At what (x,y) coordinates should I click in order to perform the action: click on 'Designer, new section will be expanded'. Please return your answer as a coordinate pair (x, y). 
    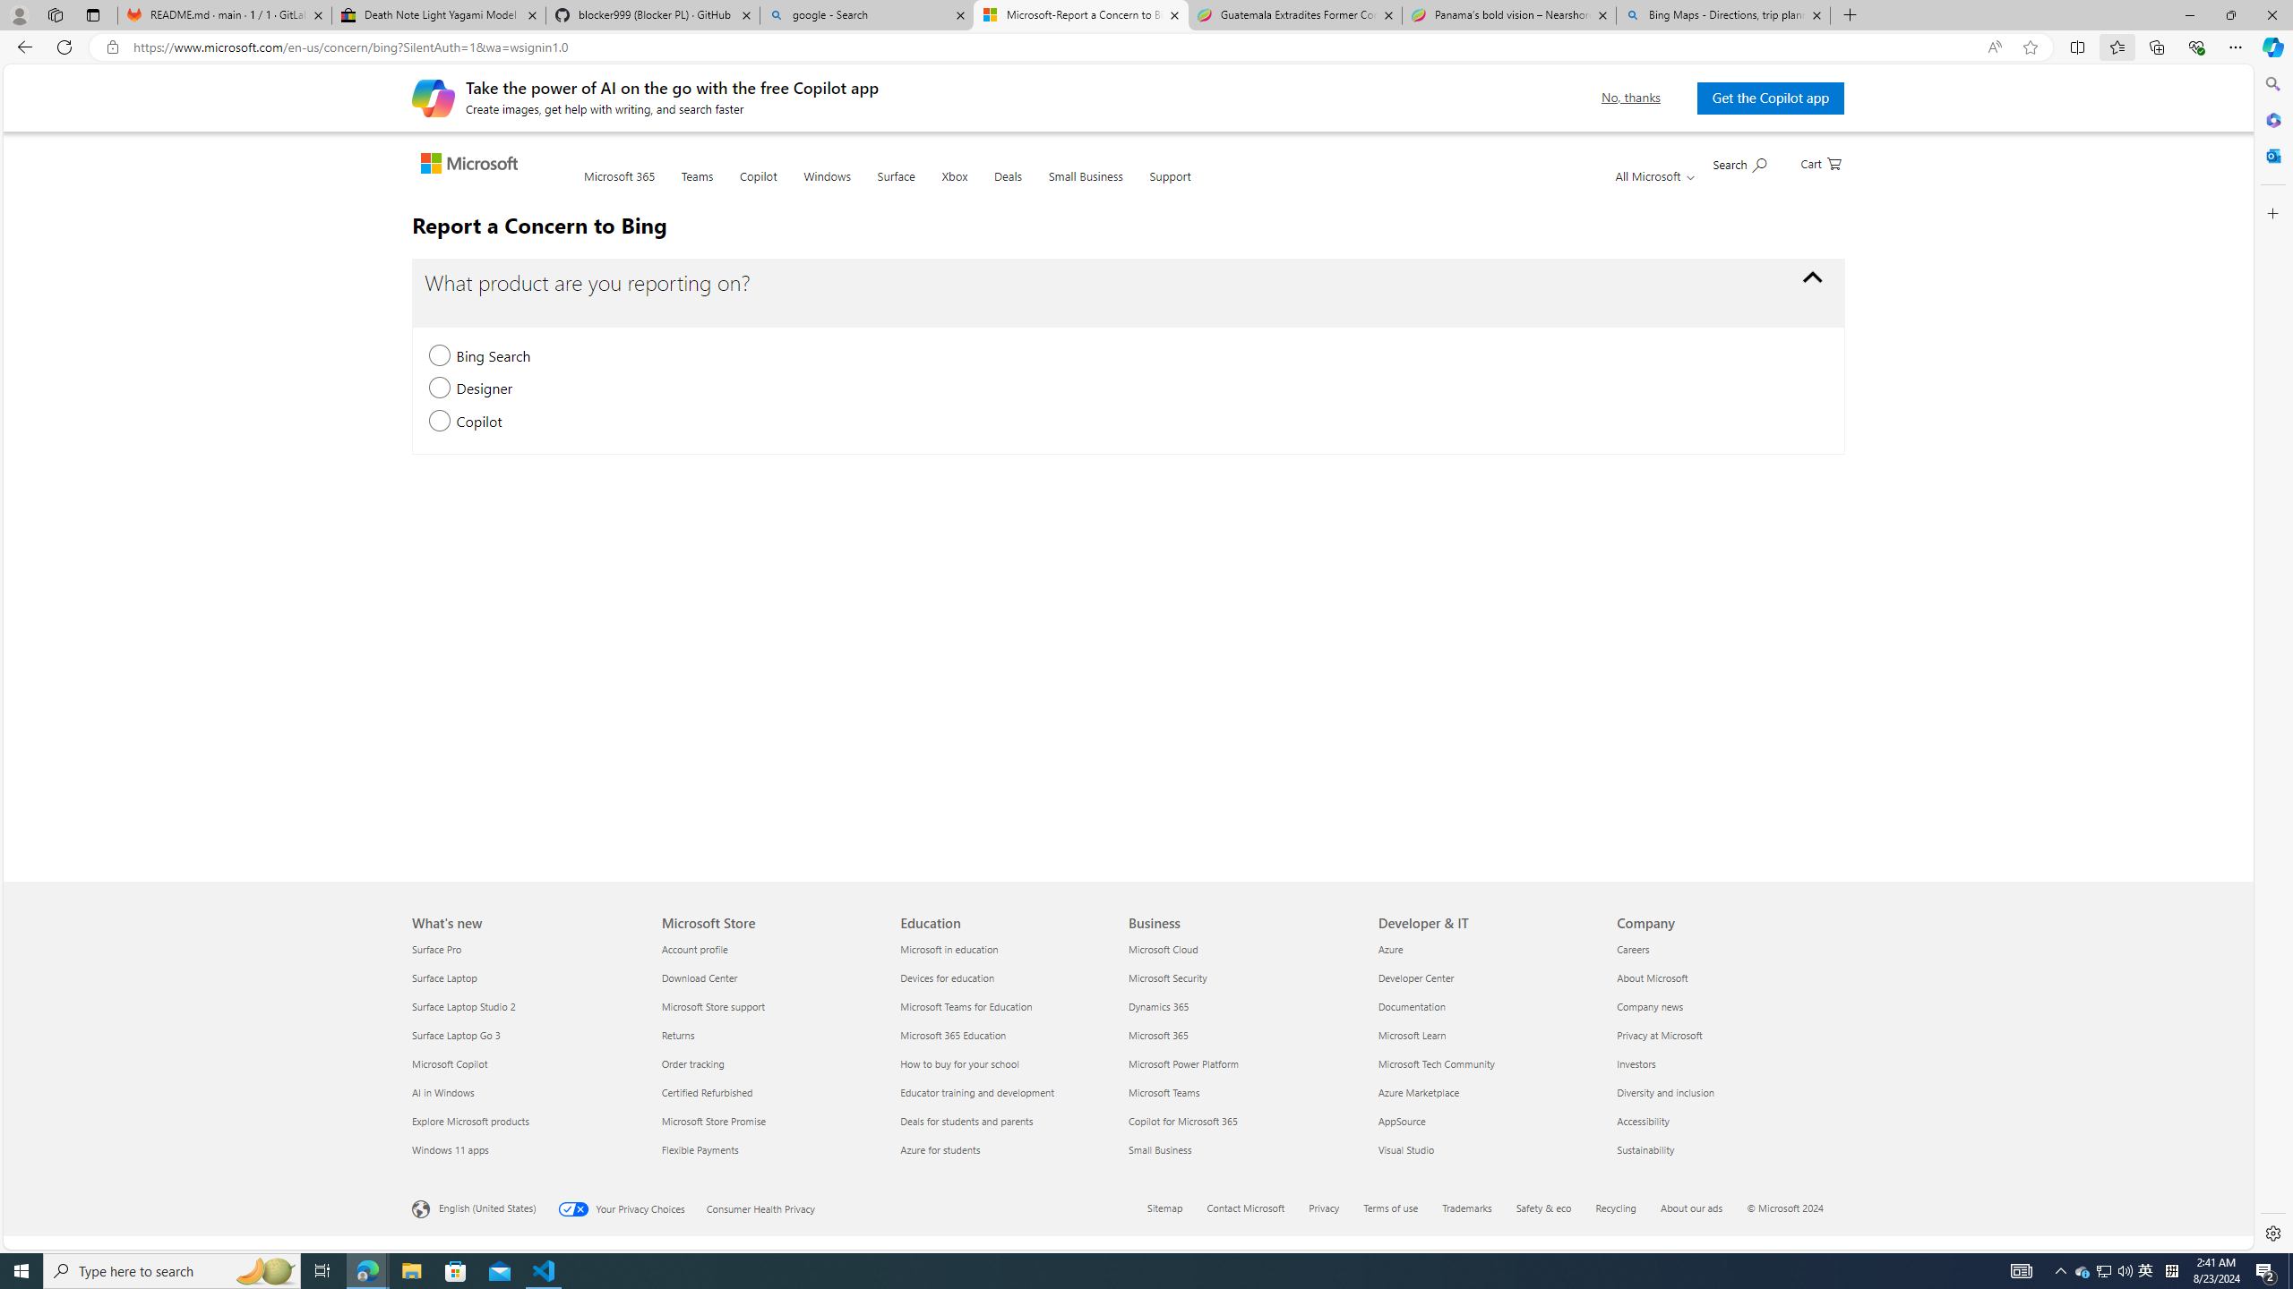
    Looking at the image, I should click on (439, 388).